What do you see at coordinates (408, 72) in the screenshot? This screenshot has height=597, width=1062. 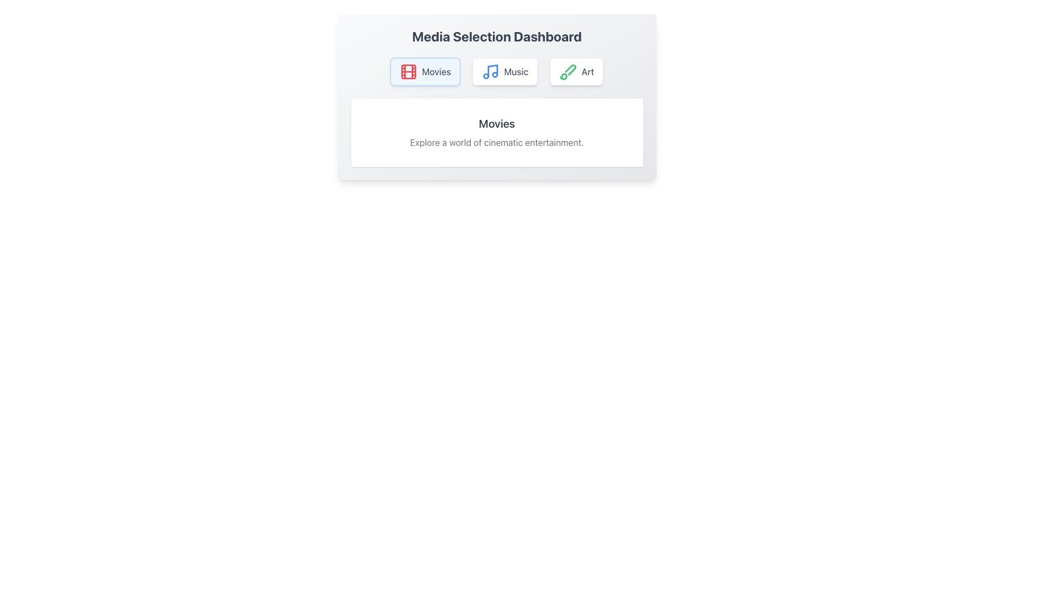 I see `first rectangle of the film reel icon located in the top-left section of the interface` at bounding box center [408, 72].